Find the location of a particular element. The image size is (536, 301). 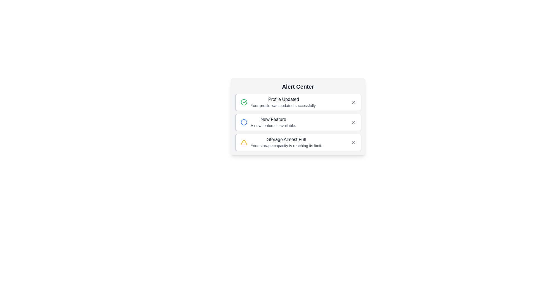

the 'X' button located at the rightmost side of the 'New Feature' notification to trigger the hover effect is located at coordinates (353, 122).